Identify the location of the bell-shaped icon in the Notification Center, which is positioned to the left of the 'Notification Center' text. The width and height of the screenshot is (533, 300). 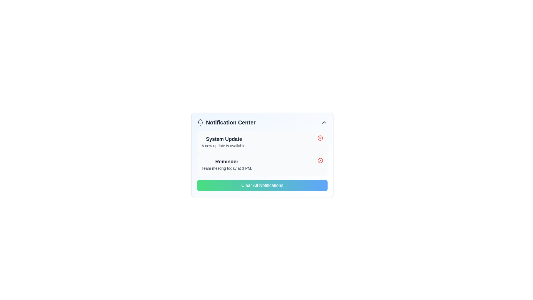
(200, 122).